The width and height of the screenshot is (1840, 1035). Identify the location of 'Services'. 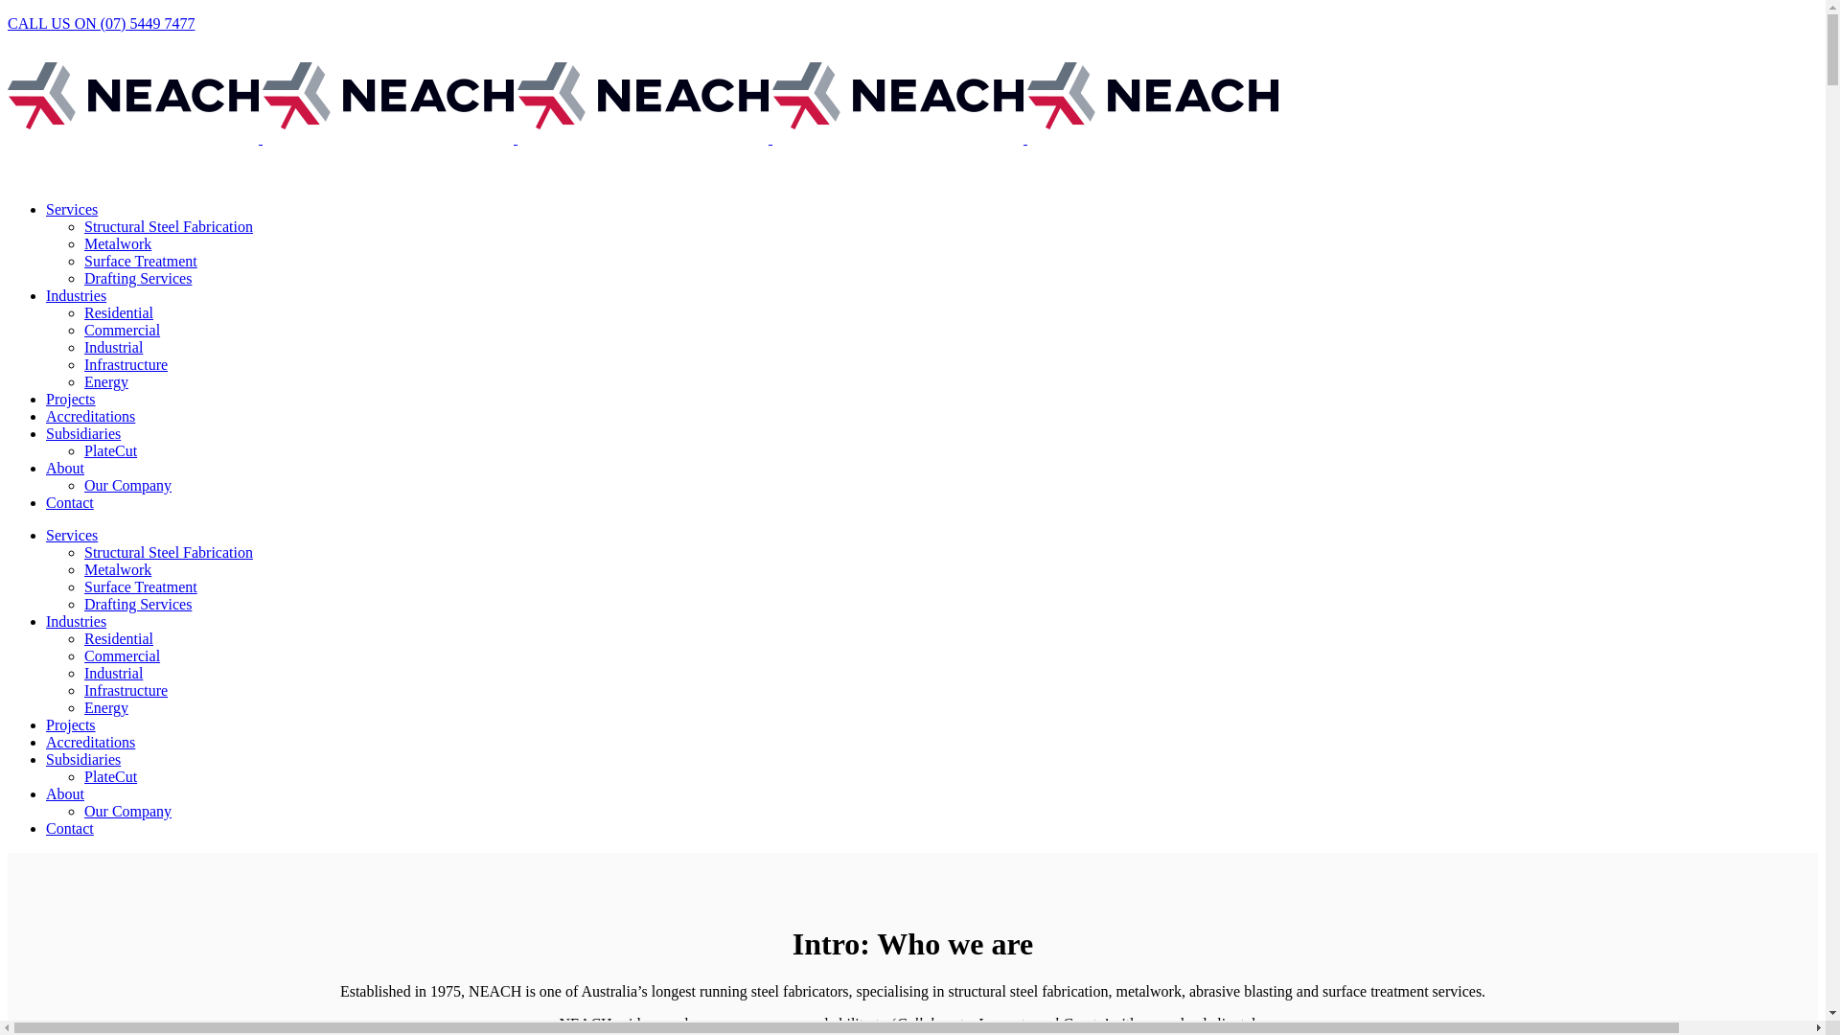
(72, 209).